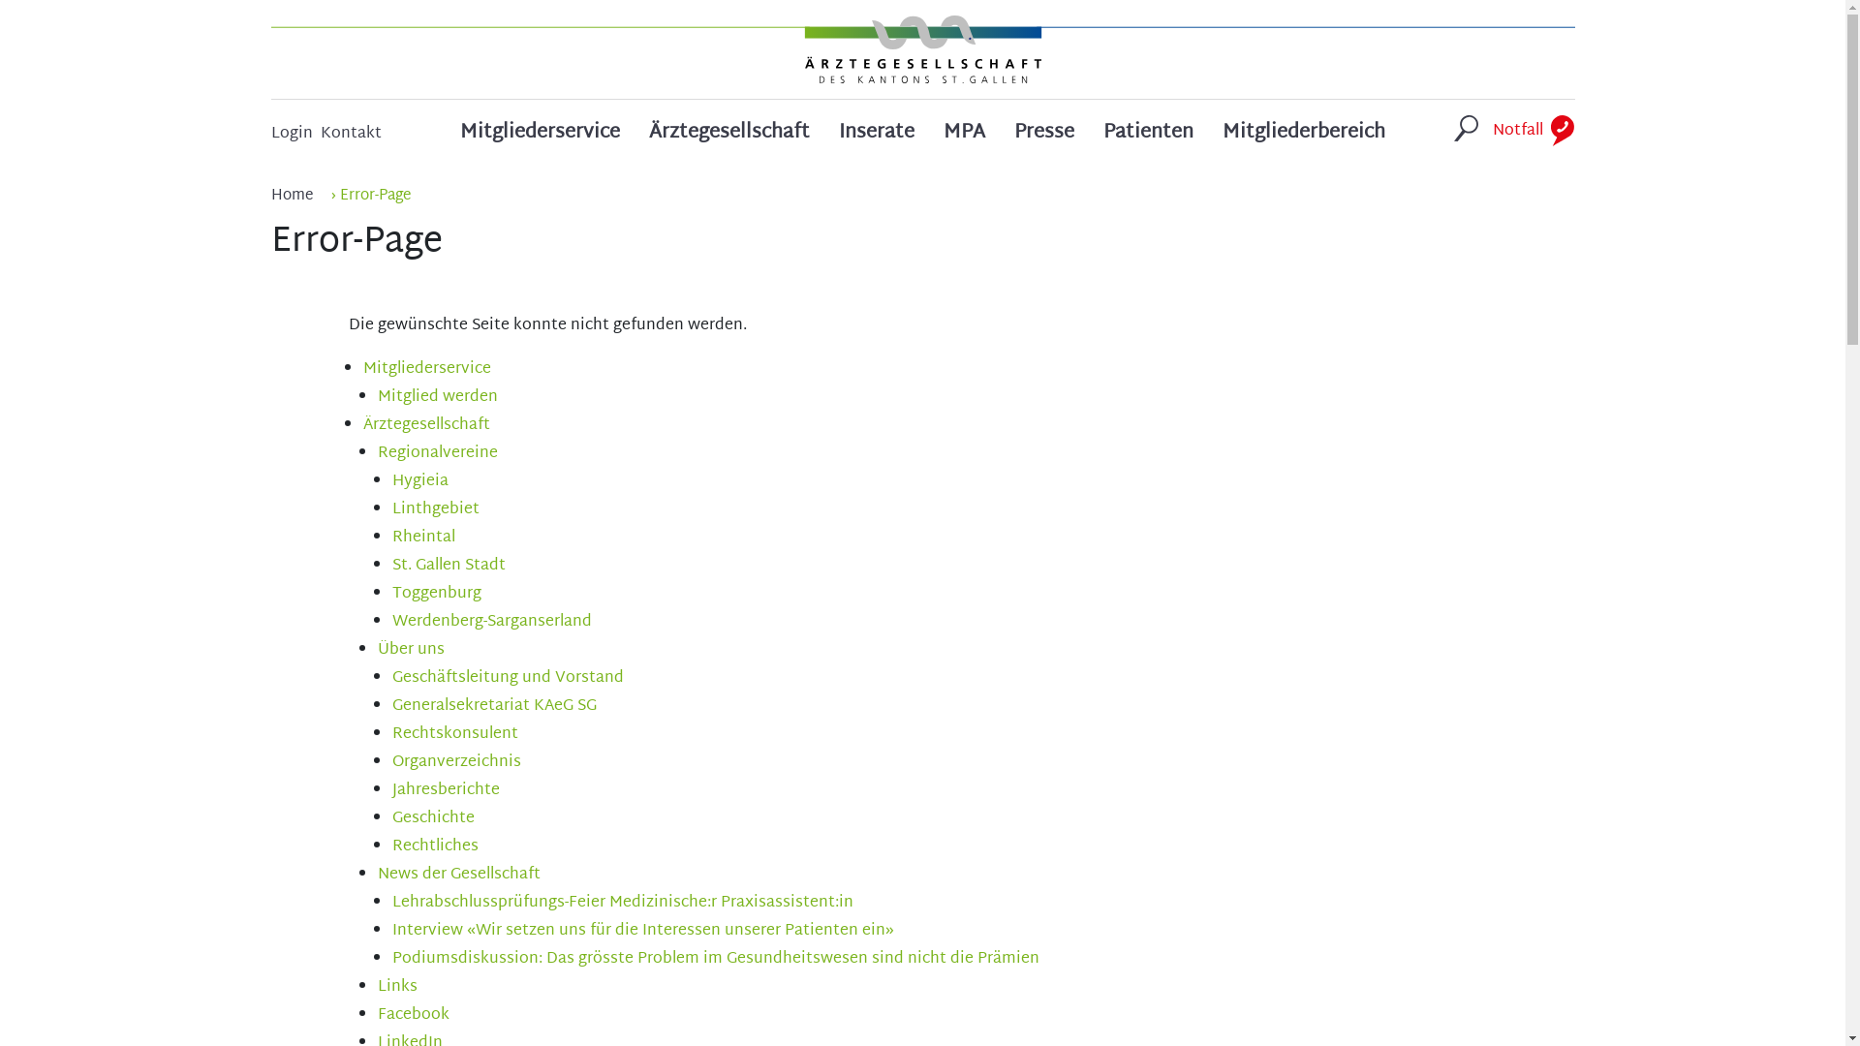 The width and height of the screenshot is (1860, 1046). Describe the element at coordinates (291, 140) in the screenshot. I see `'Login'` at that location.